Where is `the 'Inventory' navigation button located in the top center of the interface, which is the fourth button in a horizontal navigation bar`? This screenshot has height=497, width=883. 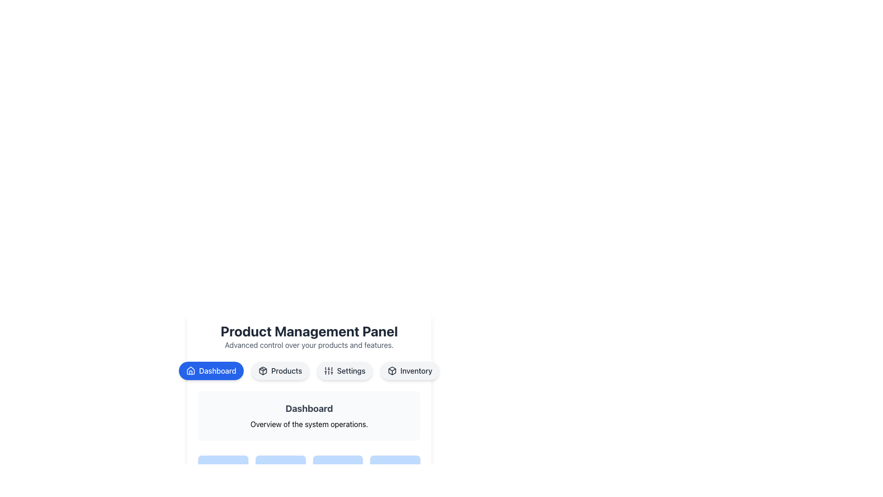
the 'Inventory' navigation button located in the top center of the interface, which is the fourth button in a horizontal navigation bar is located at coordinates (409, 370).